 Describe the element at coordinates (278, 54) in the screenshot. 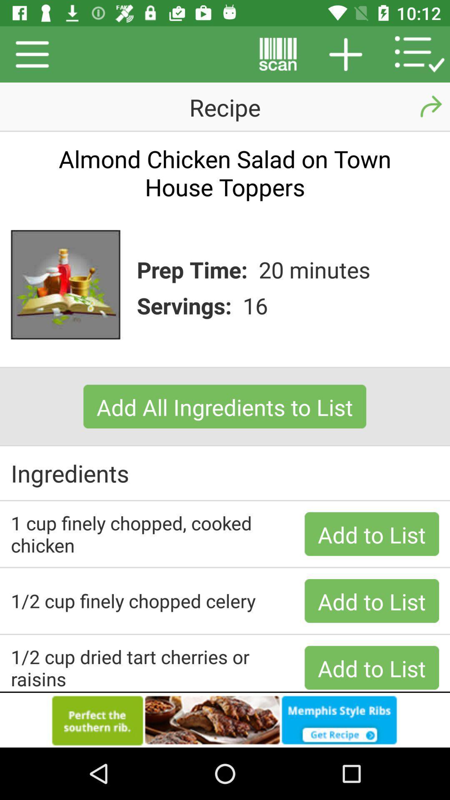

I see `the pause icon` at that location.